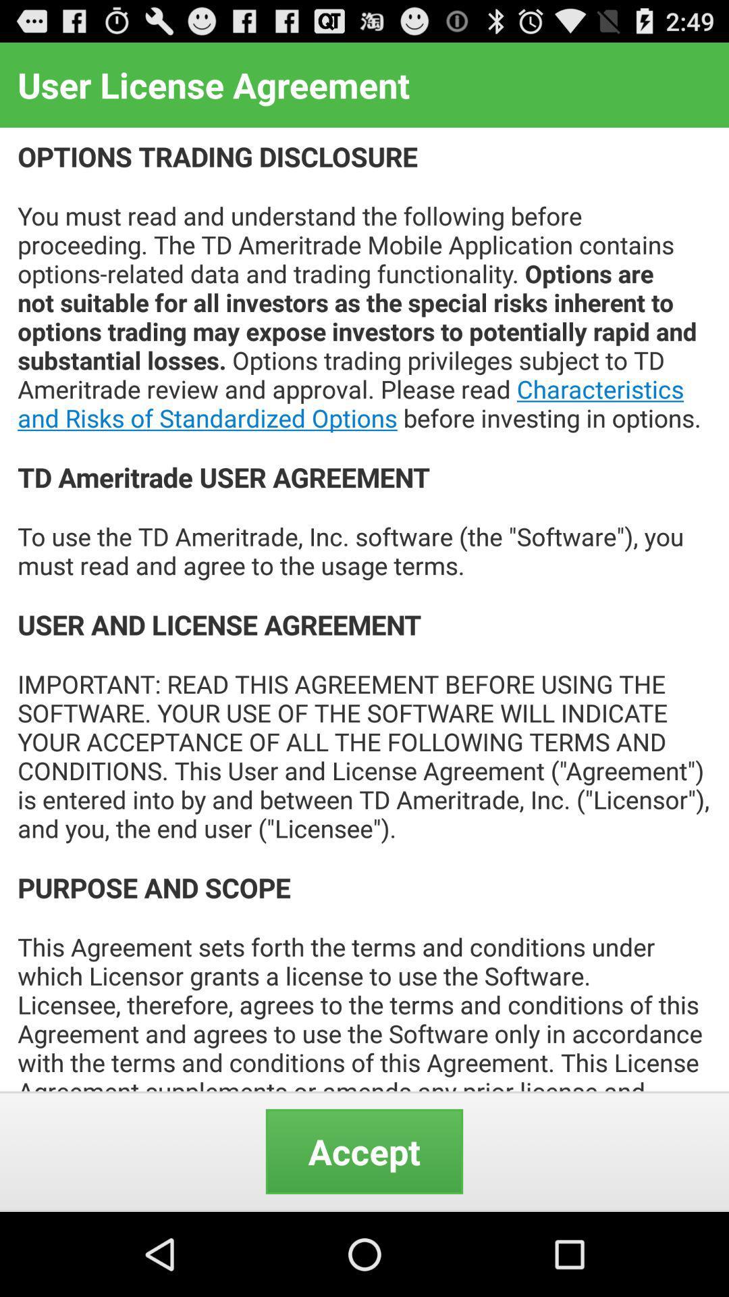 The height and width of the screenshot is (1297, 729). What do you see at coordinates (364, 609) in the screenshot?
I see `options trading disclosure` at bounding box center [364, 609].